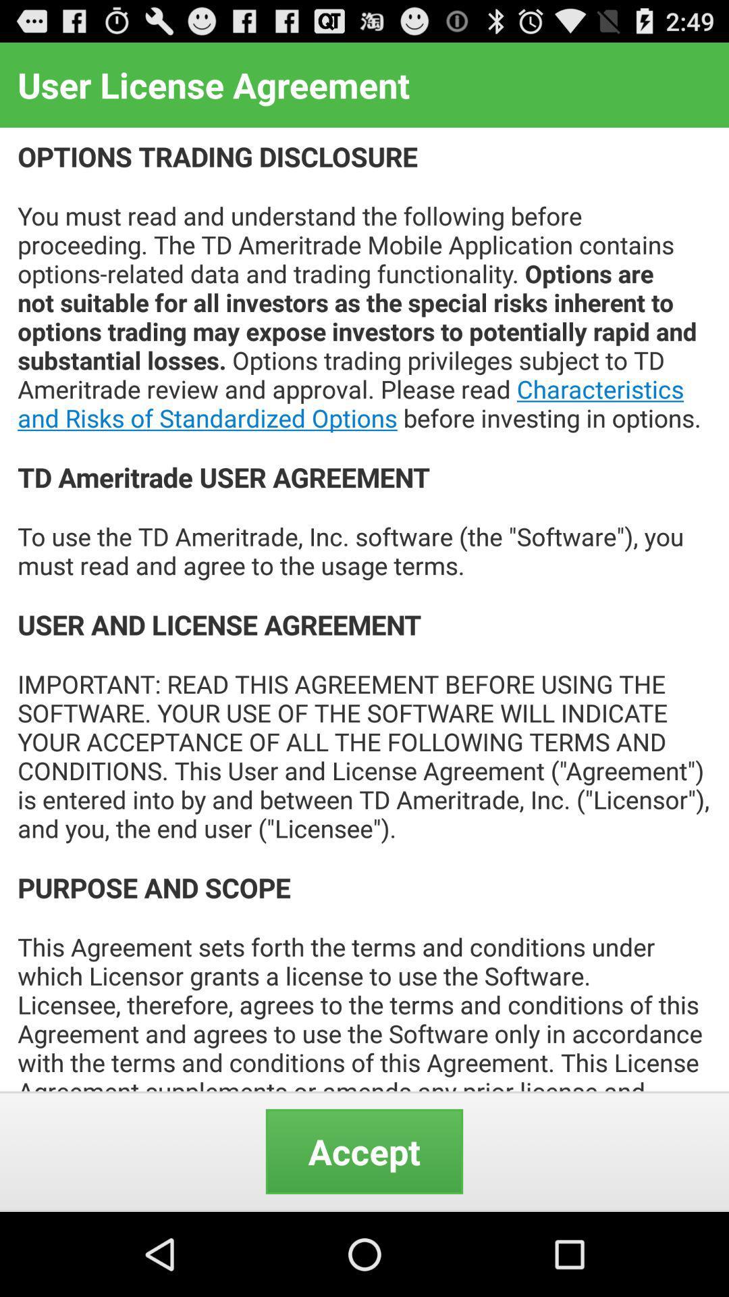 The height and width of the screenshot is (1297, 729). What do you see at coordinates (364, 609) in the screenshot?
I see `options trading disclosure` at bounding box center [364, 609].